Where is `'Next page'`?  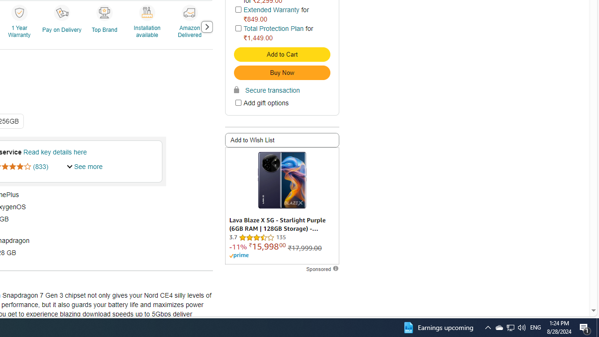
'Next page' is located at coordinates (206, 26).